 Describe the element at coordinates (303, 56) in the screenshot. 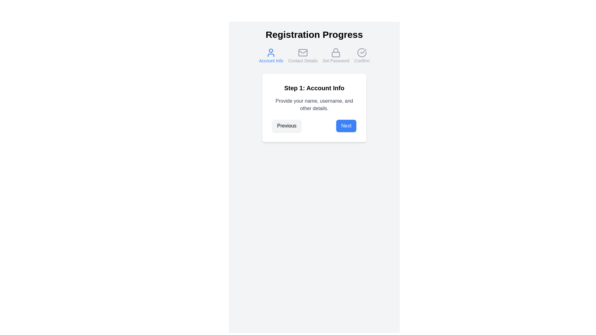

I see `the labeled icon featuring a gray envelope above the text 'Contact Details', which is the second element in a horizontal navigation menu` at that location.